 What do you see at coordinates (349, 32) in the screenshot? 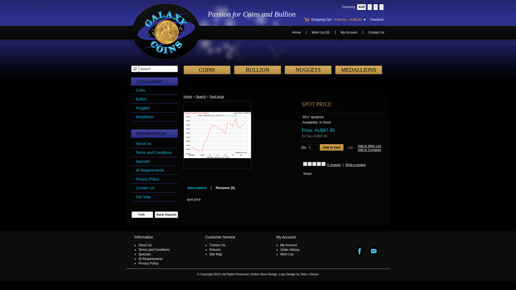
I see `'My Account'` at bounding box center [349, 32].